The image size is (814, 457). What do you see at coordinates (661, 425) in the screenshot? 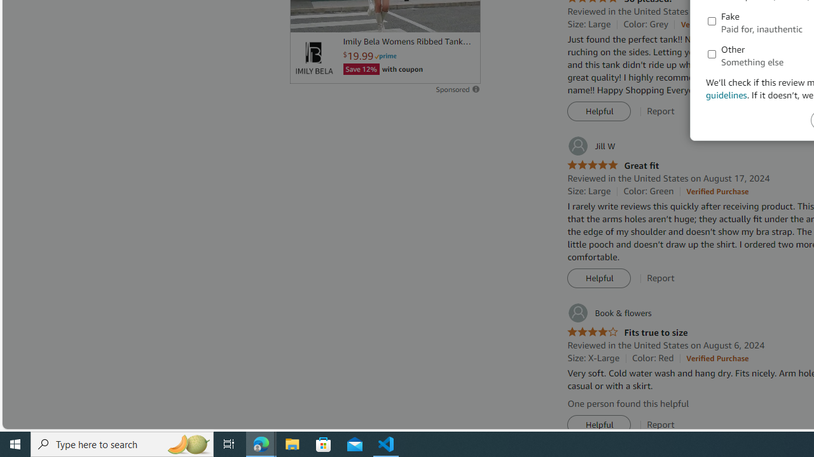
I see `'Report'` at bounding box center [661, 425].